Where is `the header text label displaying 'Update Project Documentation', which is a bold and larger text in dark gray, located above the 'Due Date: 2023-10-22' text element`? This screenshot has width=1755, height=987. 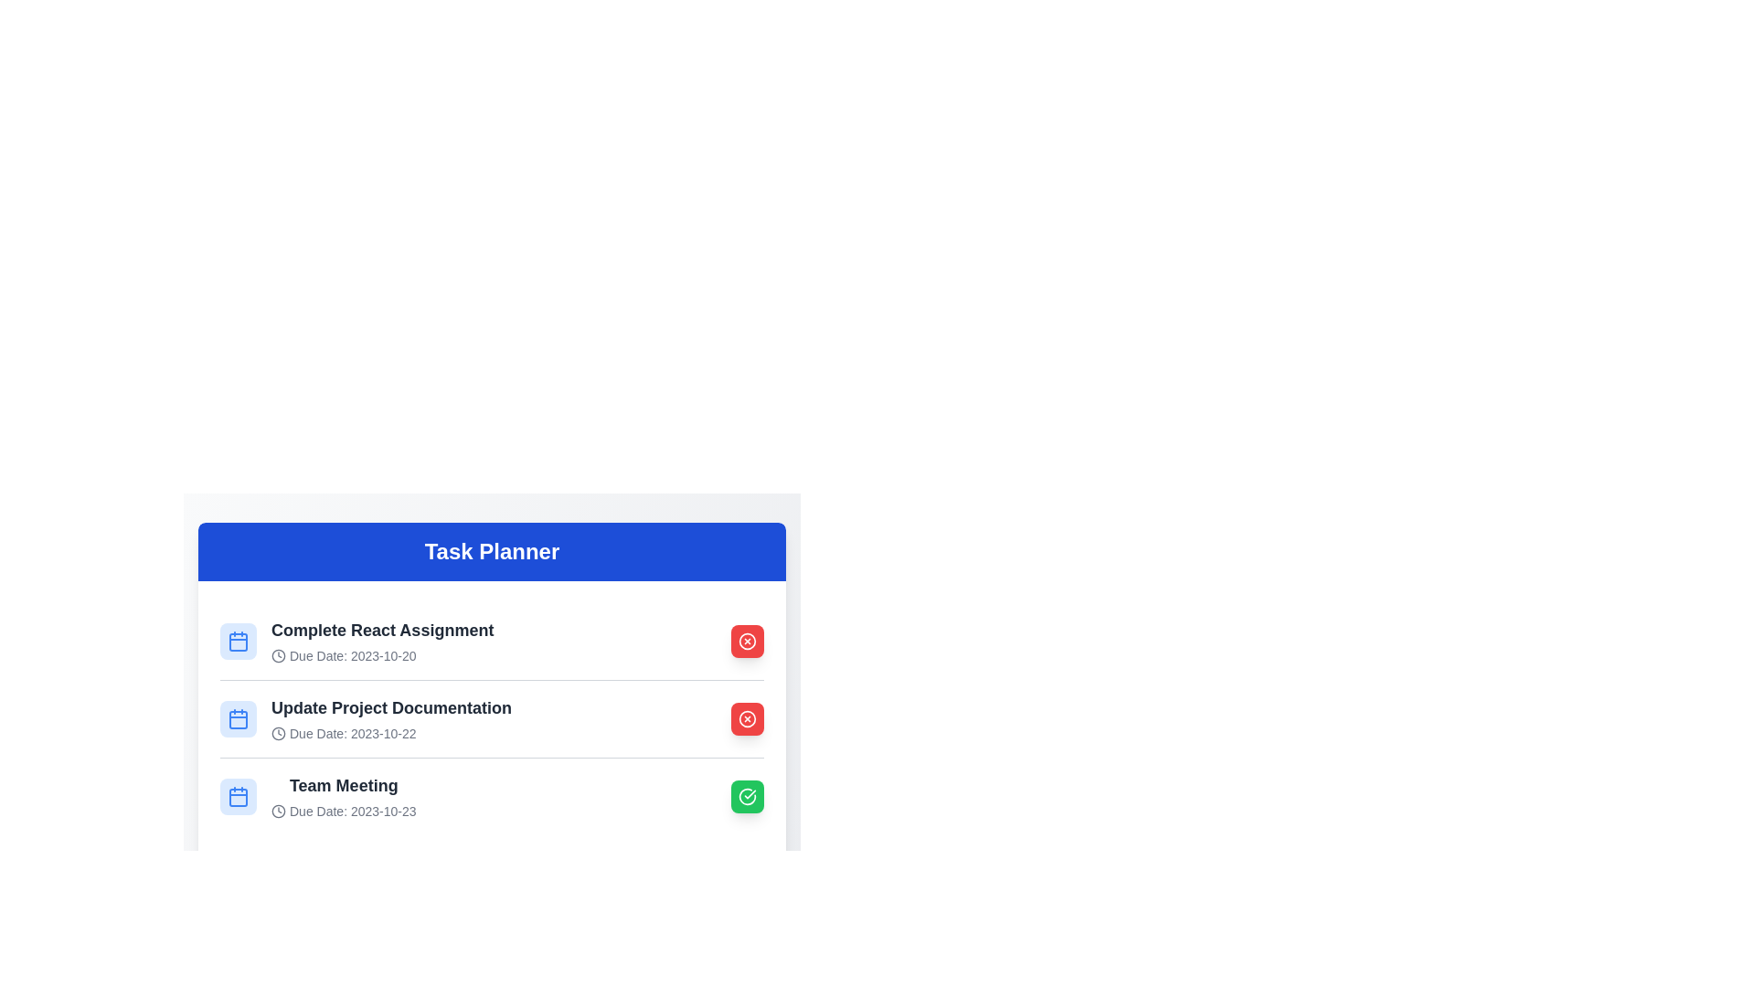 the header text label displaying 'Update Project Documentation', which is a bold and larger text in dark gray, located above the 'Due Date: 2023-10-22' text element is located at coordinates (390, 707).